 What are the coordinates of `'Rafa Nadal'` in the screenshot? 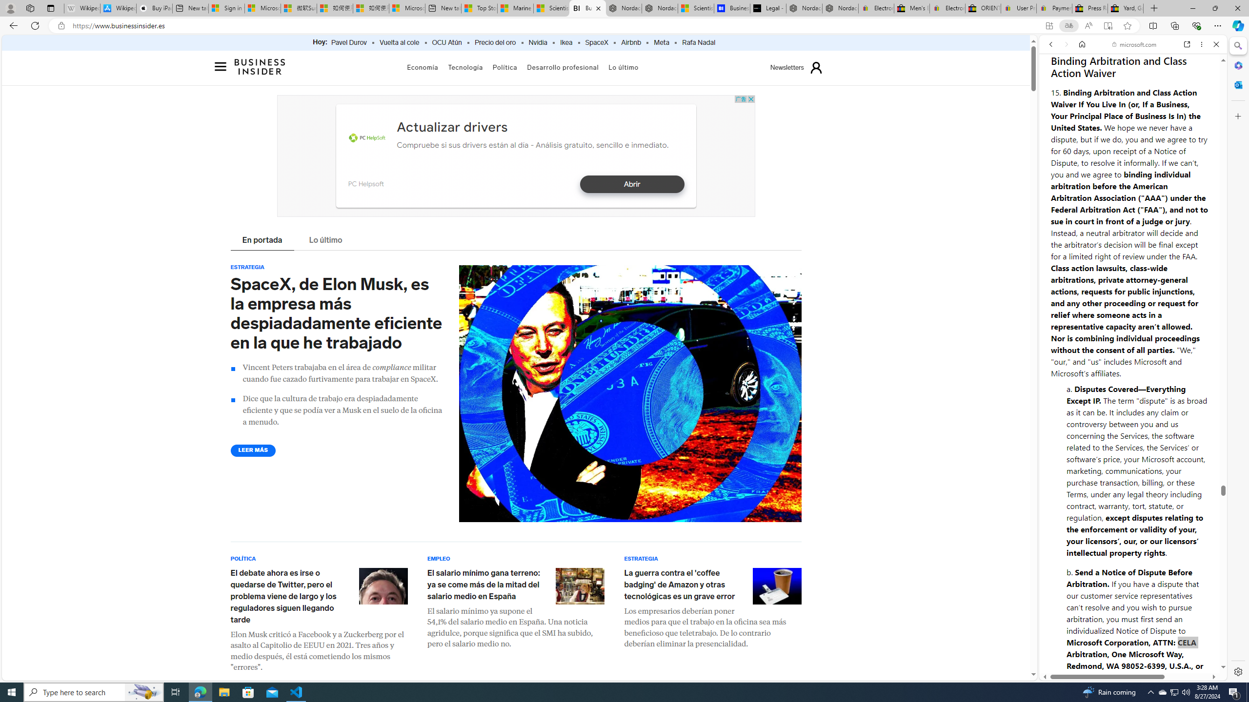 It's located at (698, 42).